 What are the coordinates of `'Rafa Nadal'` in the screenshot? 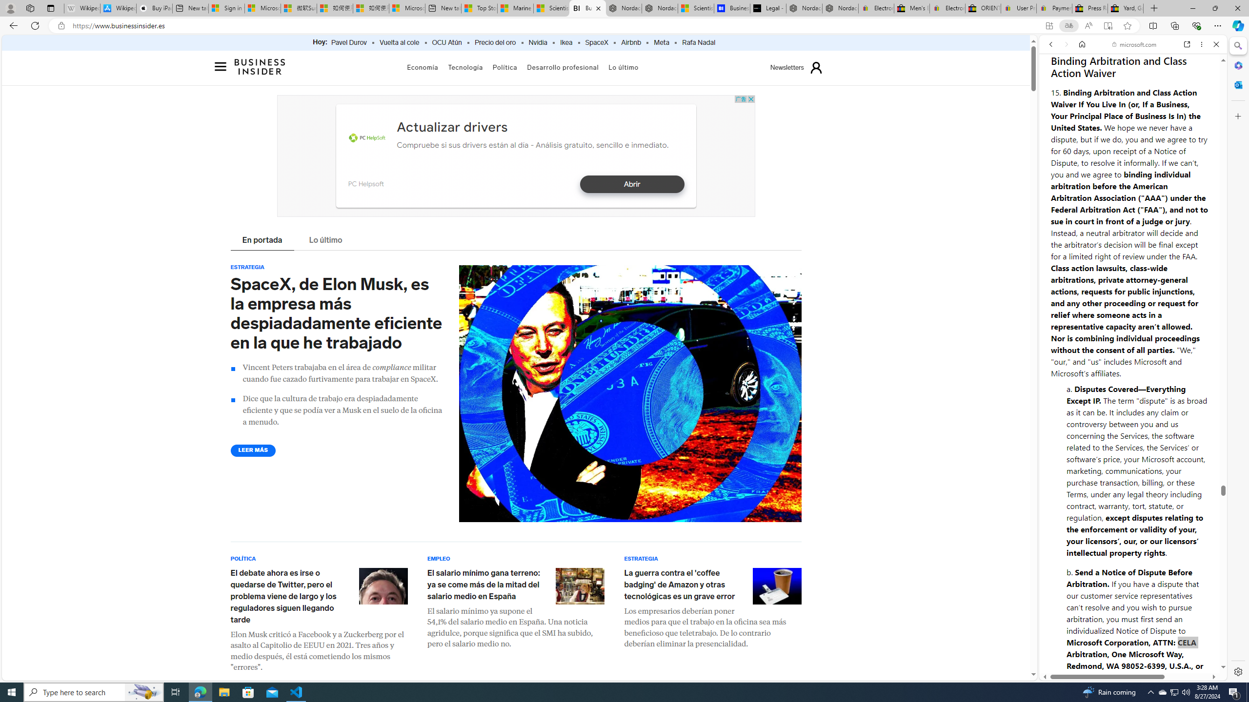 It's located at (698, 42).